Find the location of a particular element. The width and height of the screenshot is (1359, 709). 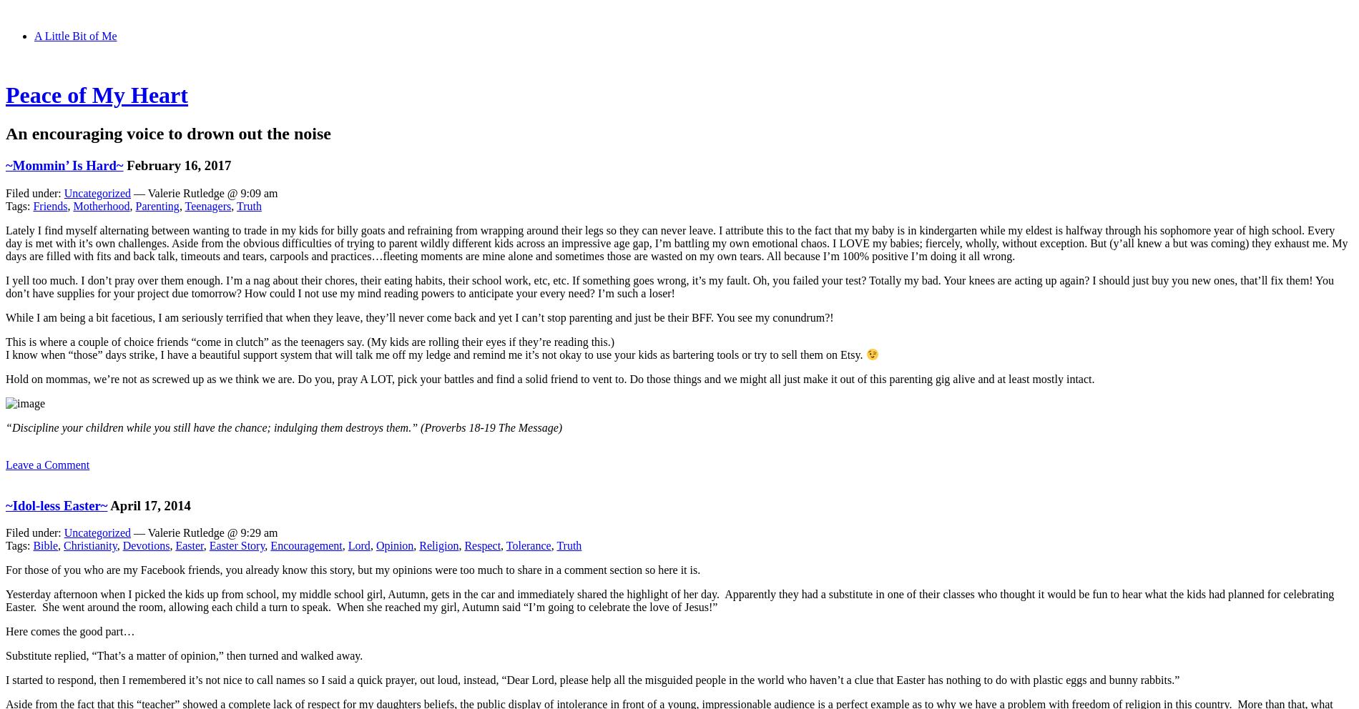

'Religion' is located at coordinates (438, 545).